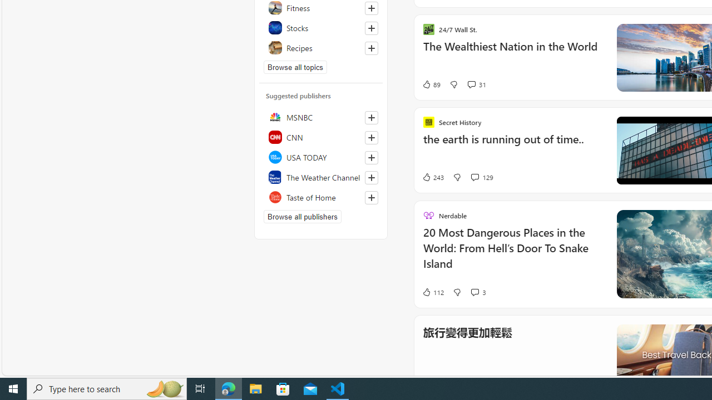 The height and width of the screenshot is (400, 712). What do you see at coordinates (320, 117) in the screenshot?
I see `'MSNBC'` at bounding box center [320, 117].